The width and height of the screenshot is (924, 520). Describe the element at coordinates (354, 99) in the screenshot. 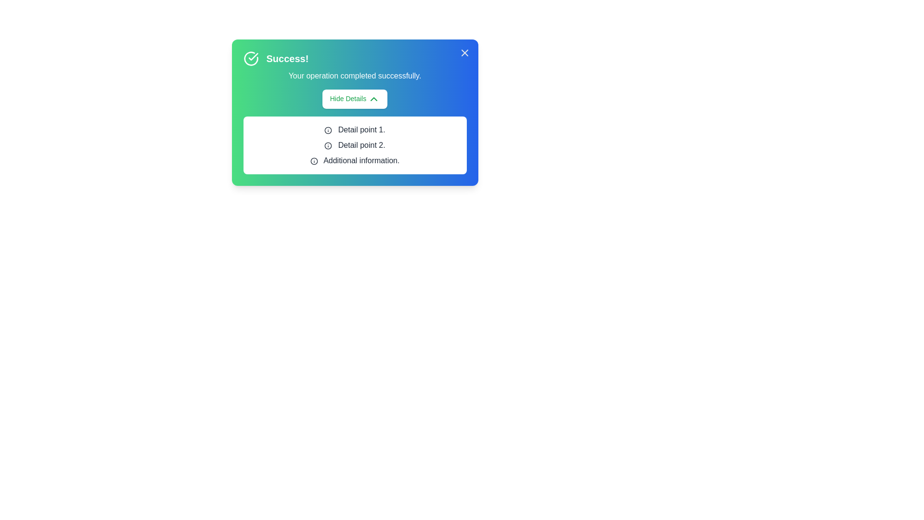

I see `'Hide Details' button to toggle the visibility of the details section` at that location.